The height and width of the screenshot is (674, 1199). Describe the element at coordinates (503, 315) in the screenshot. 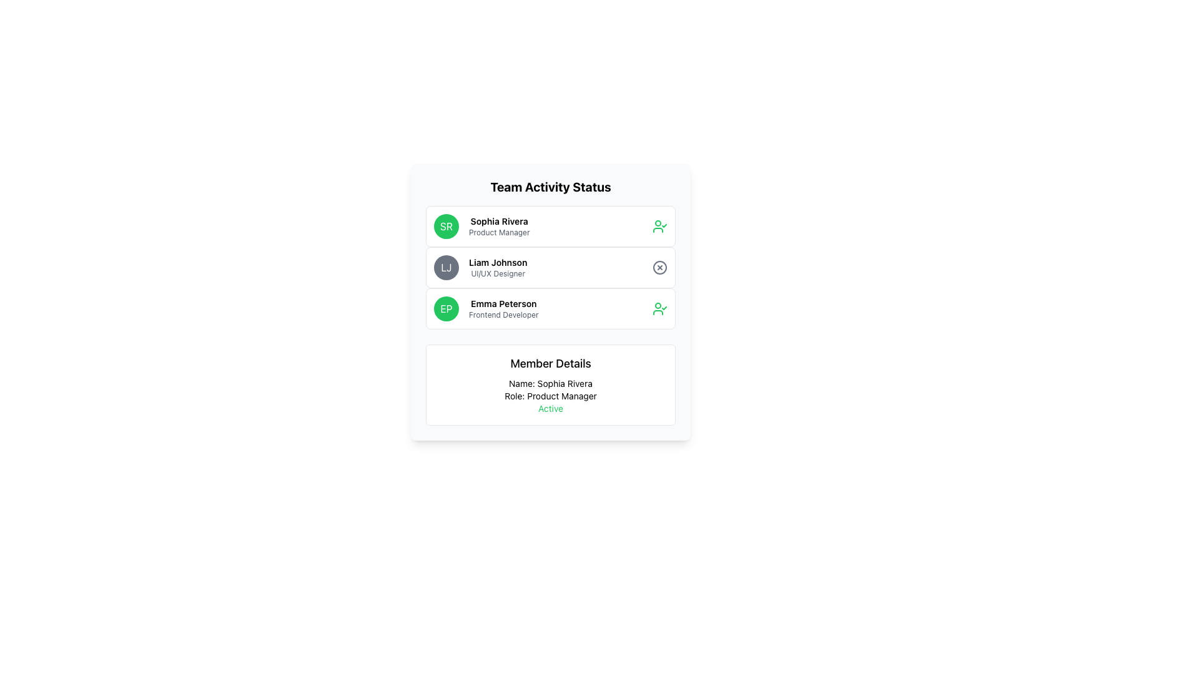

I see `the text label displaying the job title 'Frontend Developer' located below the name 'Emma Peterson' in the 'Team Activity Status' panel` at that location.